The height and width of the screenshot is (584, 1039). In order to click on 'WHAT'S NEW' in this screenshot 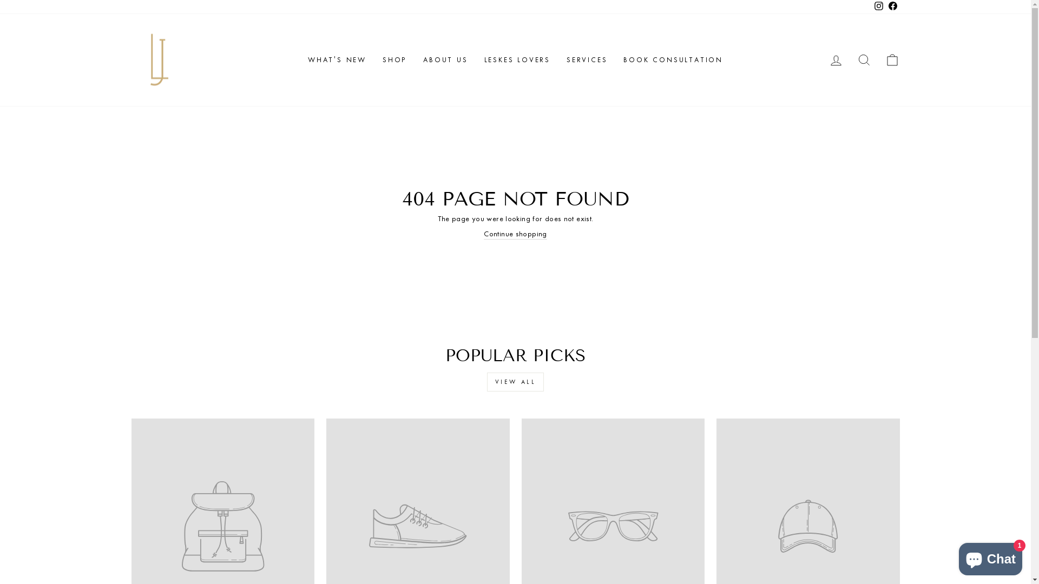, I will do `click(299, 60)`.